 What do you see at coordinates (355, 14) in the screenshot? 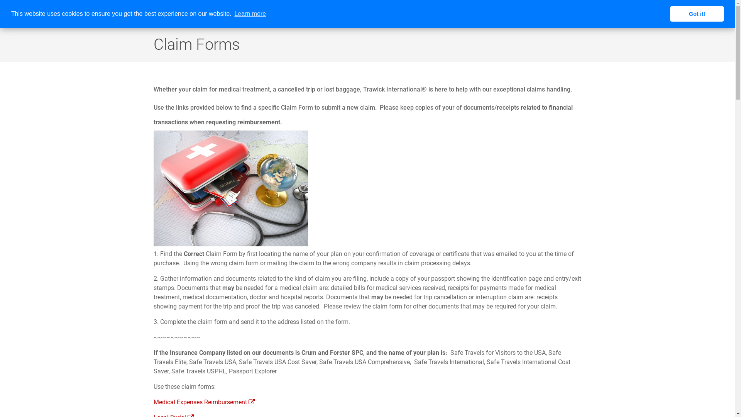
I see `'About Us'` at bounding box center [355, 14].